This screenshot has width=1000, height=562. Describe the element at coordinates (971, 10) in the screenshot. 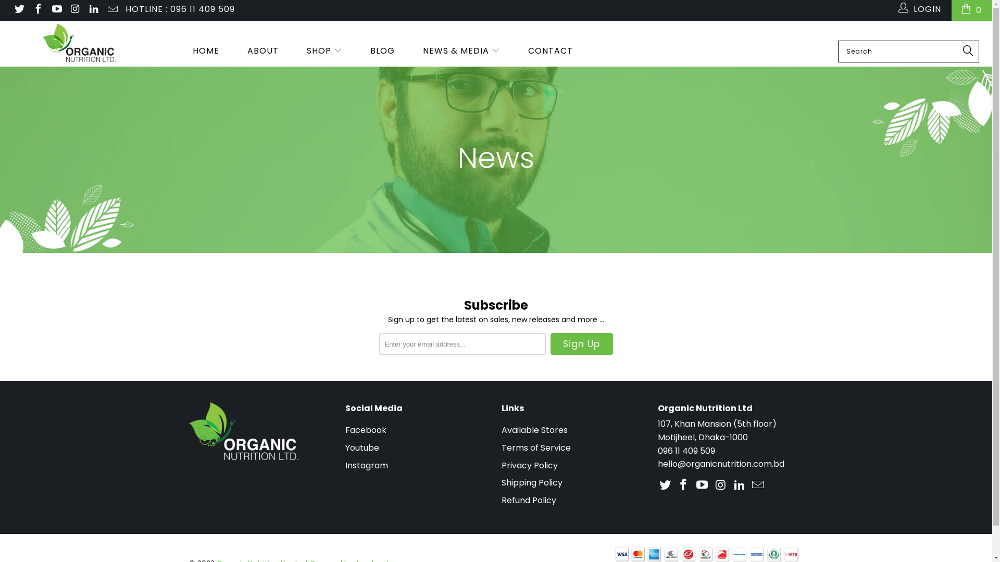

I see `'0'` at that location.